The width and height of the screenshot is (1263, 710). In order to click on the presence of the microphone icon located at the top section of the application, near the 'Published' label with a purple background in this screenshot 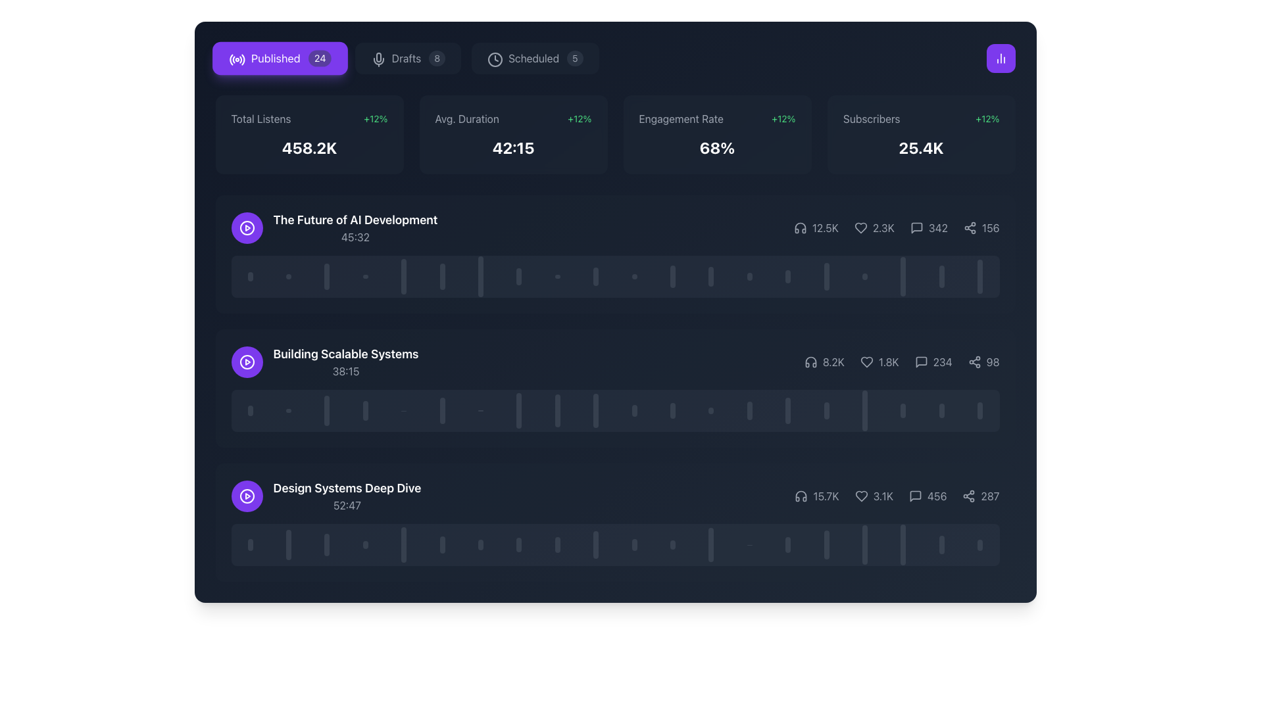, I will do `click(378, 57)`.